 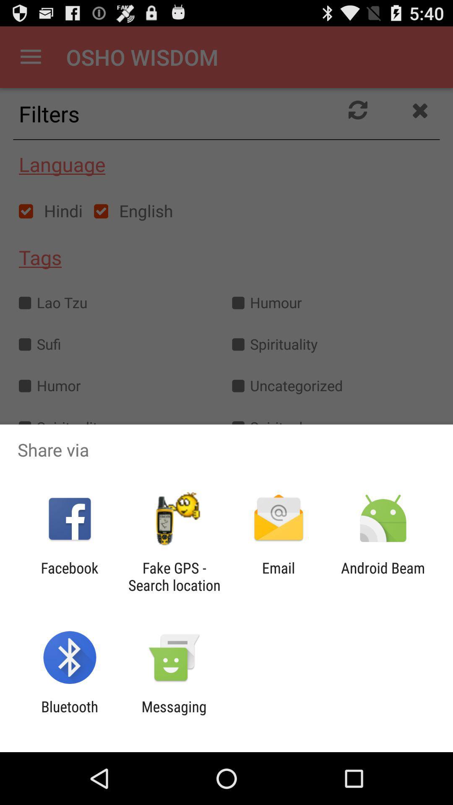 What do you see at coordinates (383, 576) in the screenshot?
I see `app next to email icon` at bounding box center [383, 576].